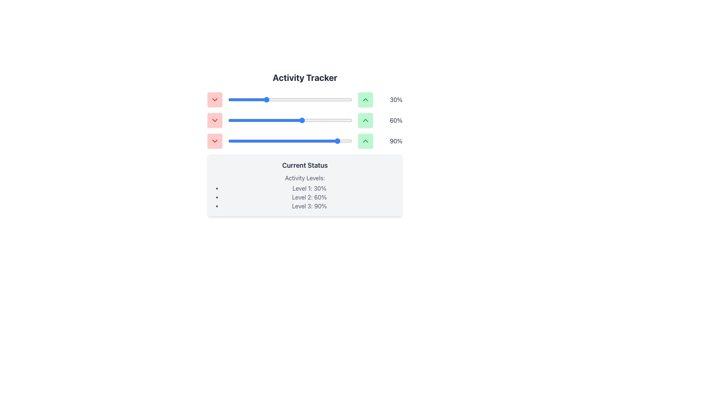 The width and height of the screenshot is (709, 399). Describe the element at coordinates (309, 197) in the screenshot. I see `the Text List displaying percentage values for three levels, located under the 'Activity Levels:' subheading in the 'Current Status' section` at that location.